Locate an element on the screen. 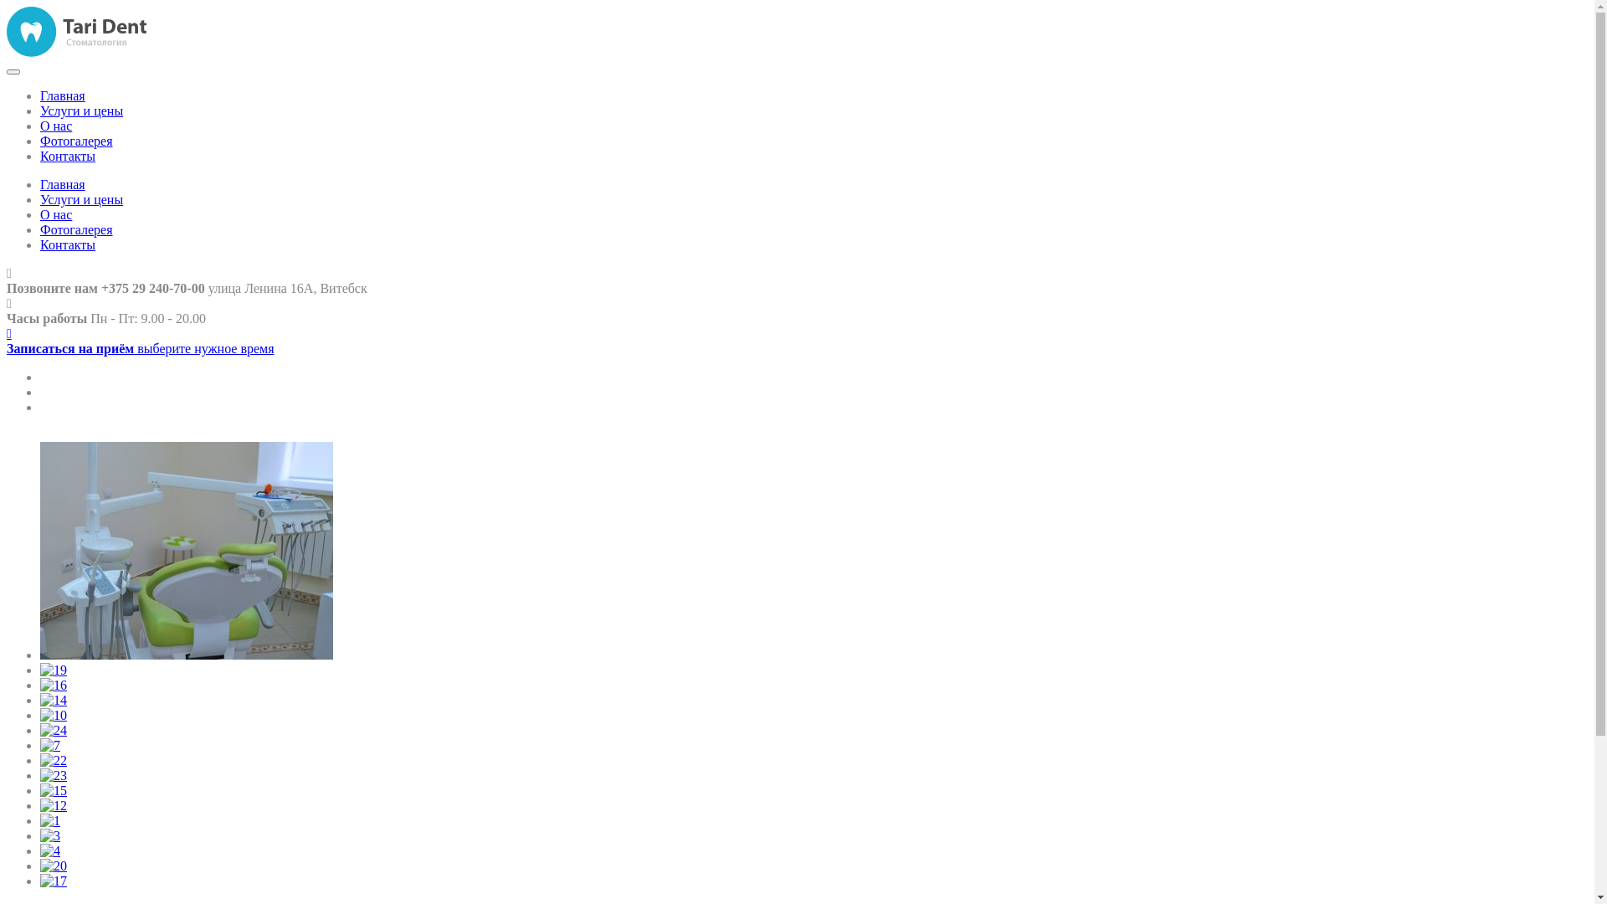 The height and width of the screenshot is (904, 1607). '17' is located at coordinates (53, 881).